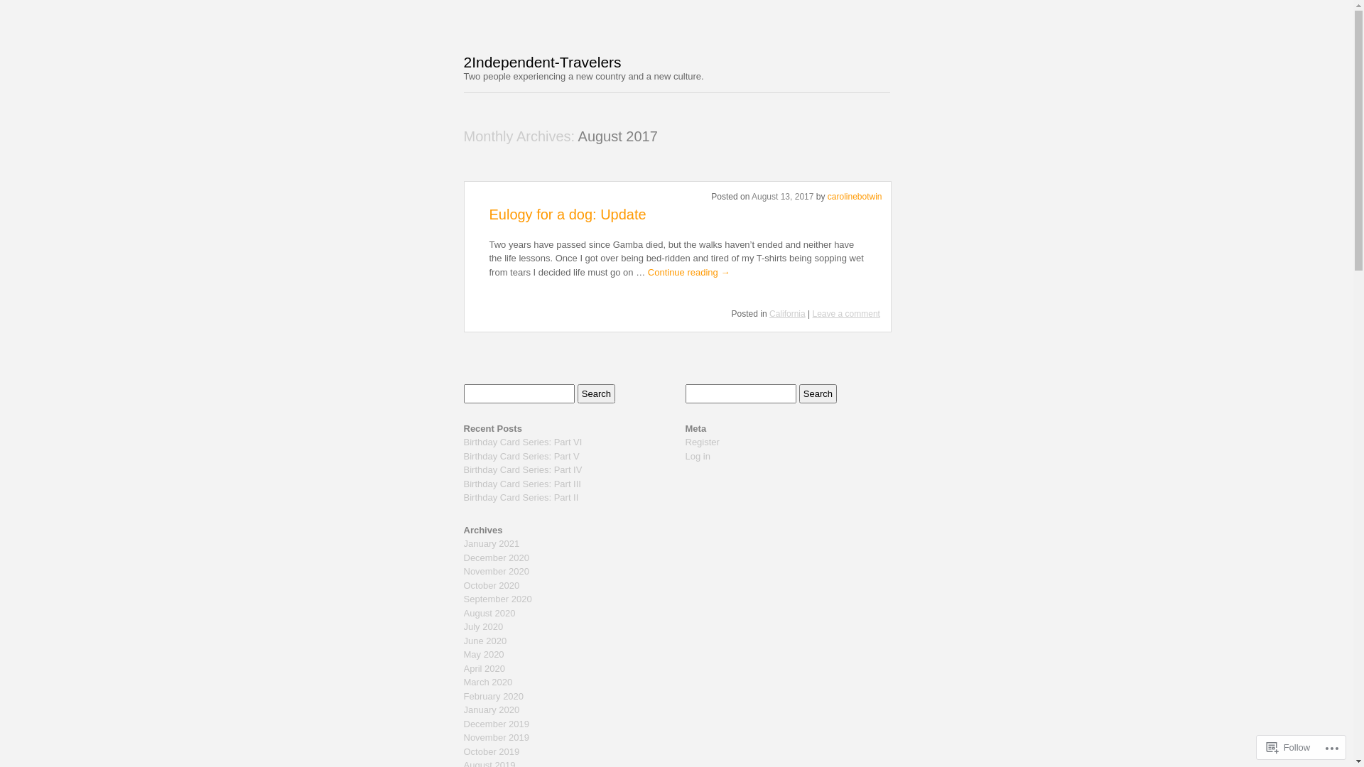 This screenshot has height=767, width=1364. Describe the element at coordinates (702, 441) in the screenshot. I see `'Register'` at that location.